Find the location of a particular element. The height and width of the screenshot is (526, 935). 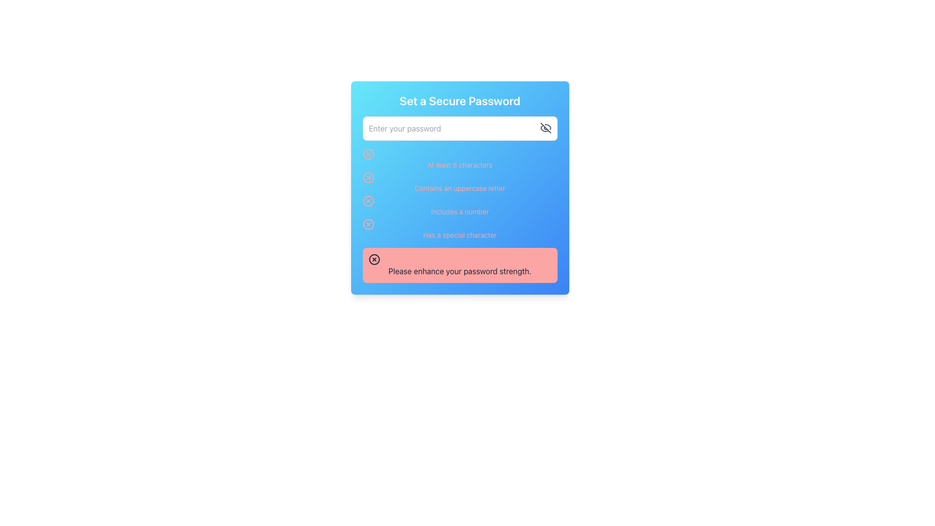

the toggle visibility button located at the top-right corner inside the password input field is located at coordinates (545, 127).